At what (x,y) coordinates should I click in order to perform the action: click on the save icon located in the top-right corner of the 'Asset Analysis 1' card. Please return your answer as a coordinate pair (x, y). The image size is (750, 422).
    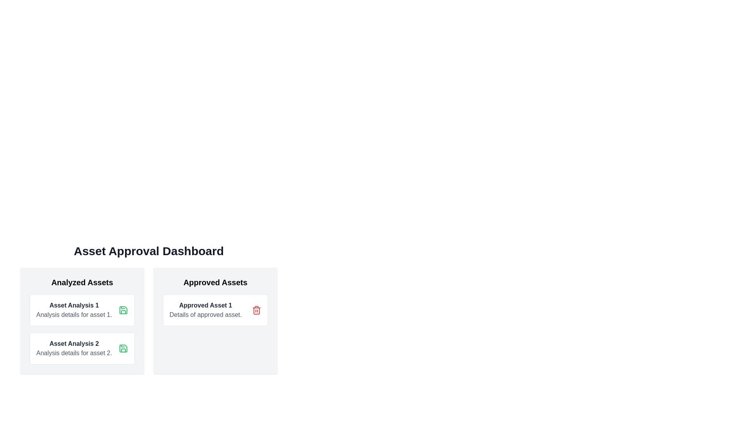
    Looking at the image, I should click on (123, 310).